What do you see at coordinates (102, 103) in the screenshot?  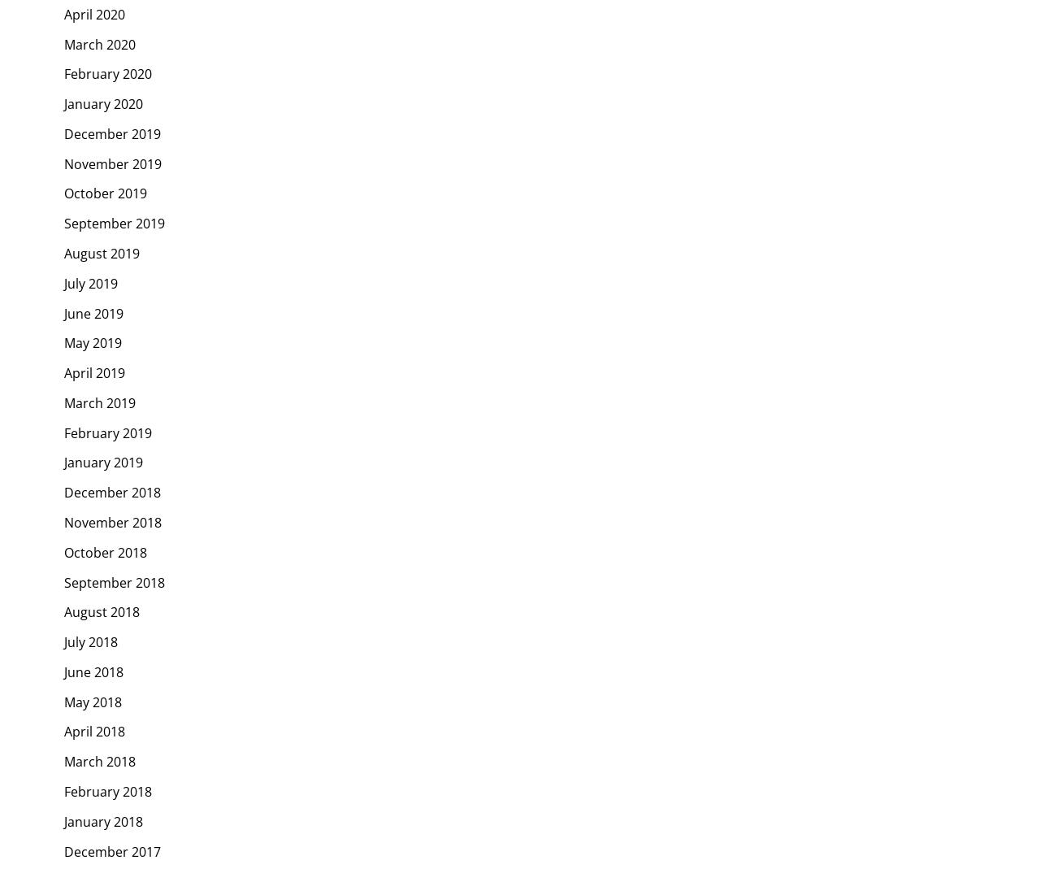 I see `'January 2020'` at bounding box center [102, 103].